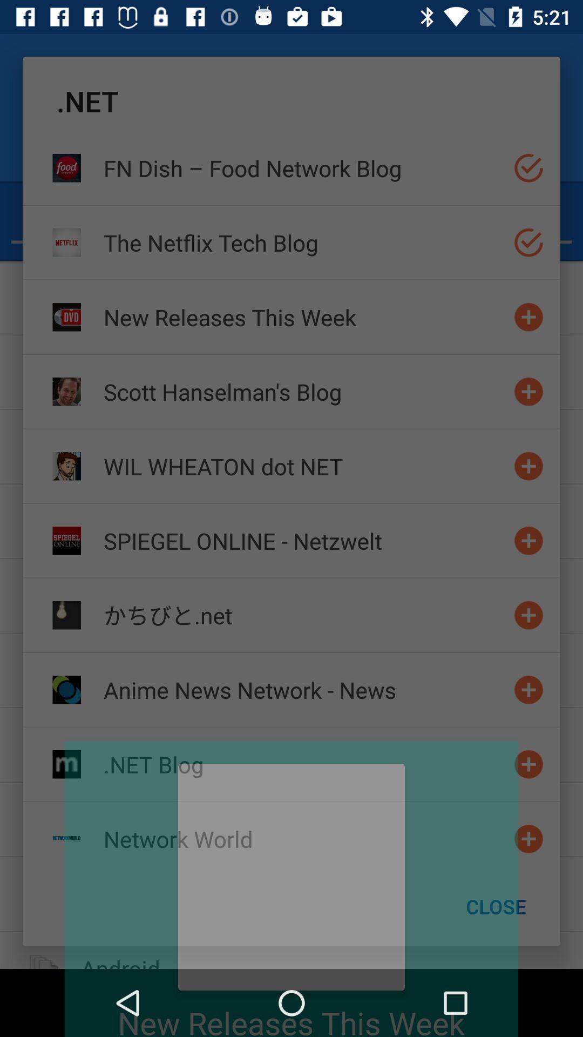 The height and width of the screenshot is (1037, 583). Describe the element at coordinates (304, 242) in the screenshot. I see `the netflix tech icon` at that location.